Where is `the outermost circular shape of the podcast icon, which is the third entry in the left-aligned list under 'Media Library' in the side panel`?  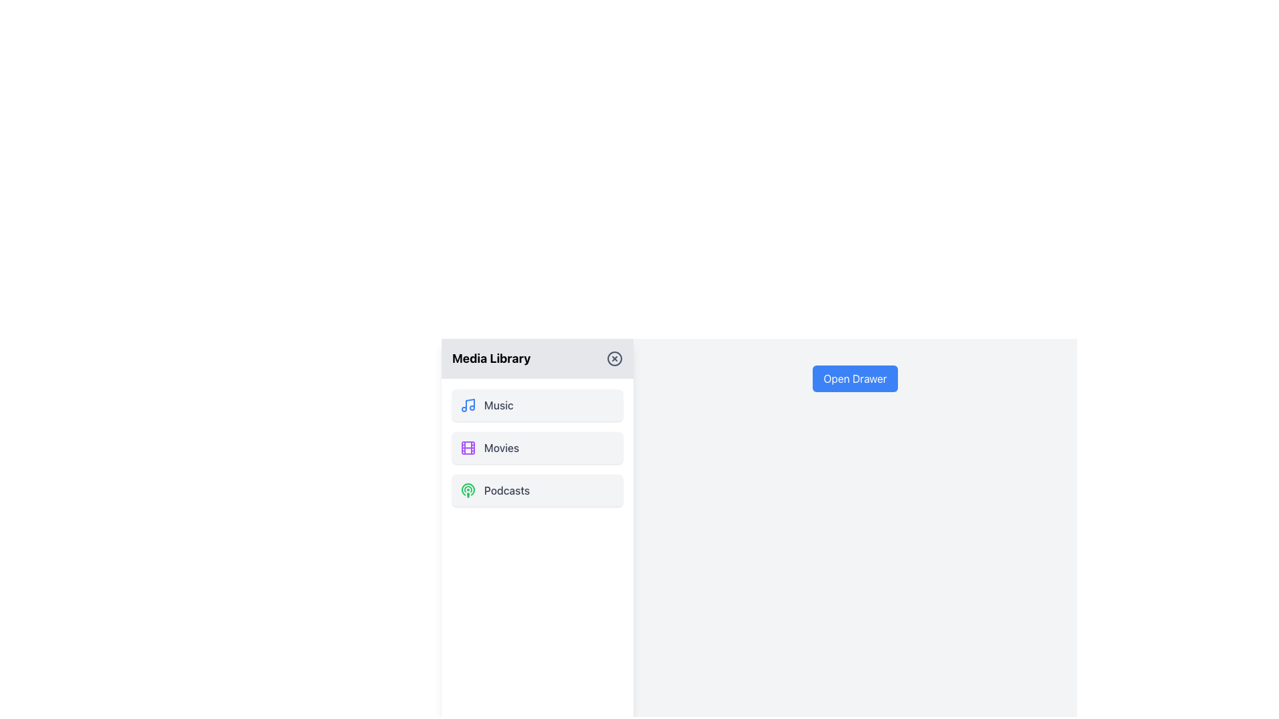
the outermost circular shape of the podcast icon, which is the third entry in the left-aligned list under 'Media Library' in the side panel is located at coordinates (468, 489).